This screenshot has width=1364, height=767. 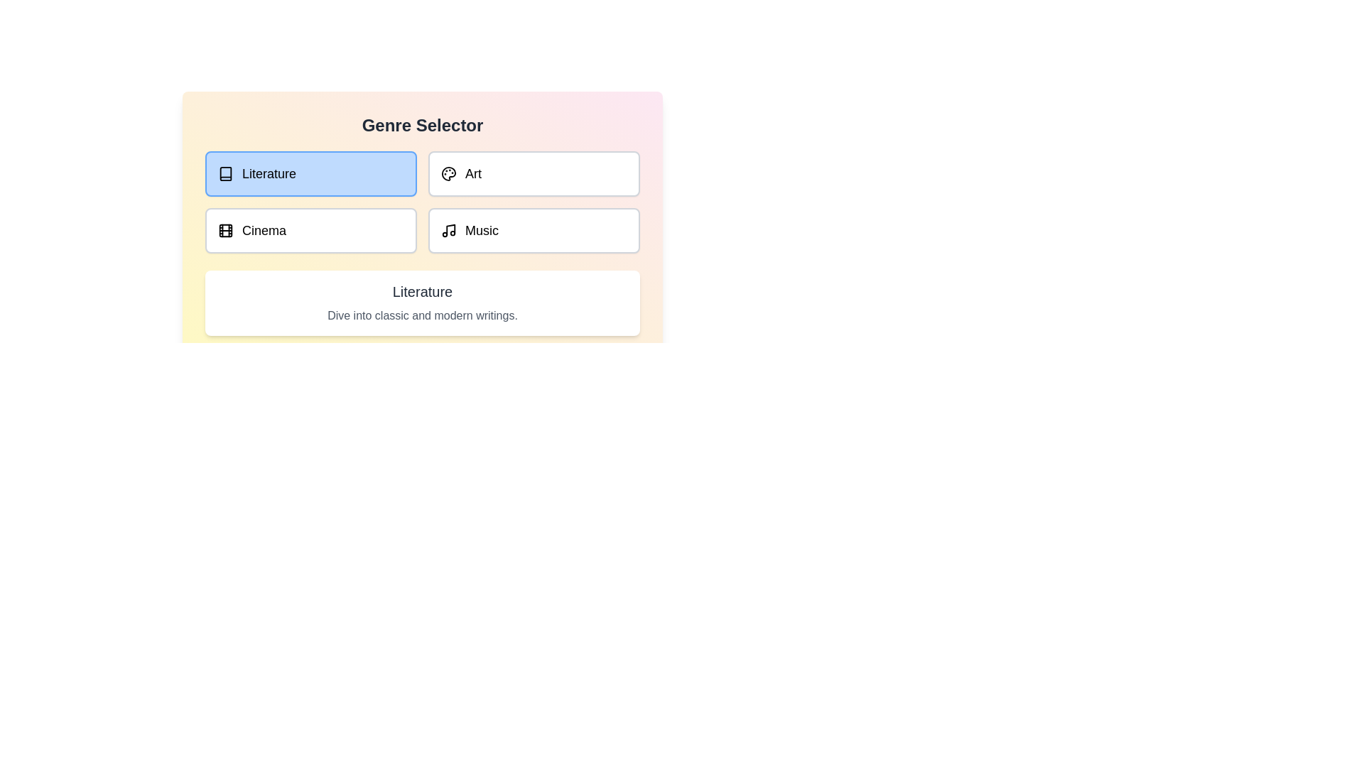 What do you see at coordinates (448, 173) in the screenshot?
I see `the 'Art' button, which is the second item in the top row of the genre selection section` at bounding box center [448, 173].